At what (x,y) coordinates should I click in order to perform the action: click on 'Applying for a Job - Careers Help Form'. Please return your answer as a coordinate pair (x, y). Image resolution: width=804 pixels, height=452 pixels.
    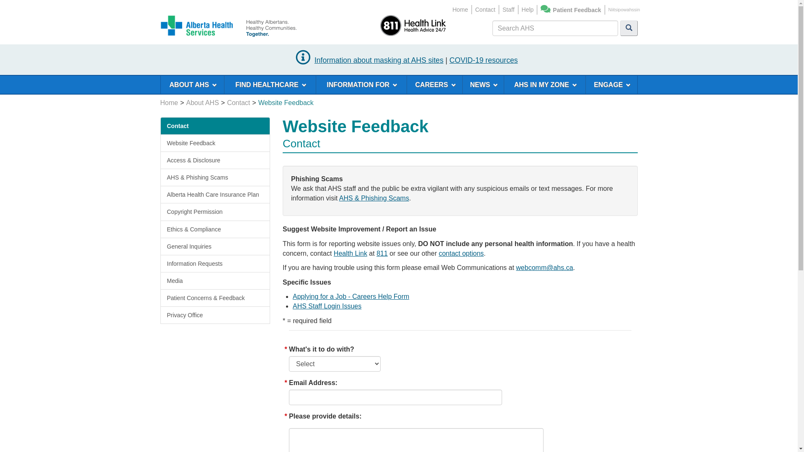
    Looking at the image, I should click on (351, 296).